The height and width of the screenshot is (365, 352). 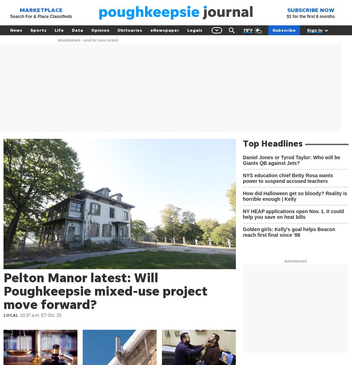 What do you see at coordinates (10, 30) in the screenshot?
I see `'News'` at bounding box center [10, 30].